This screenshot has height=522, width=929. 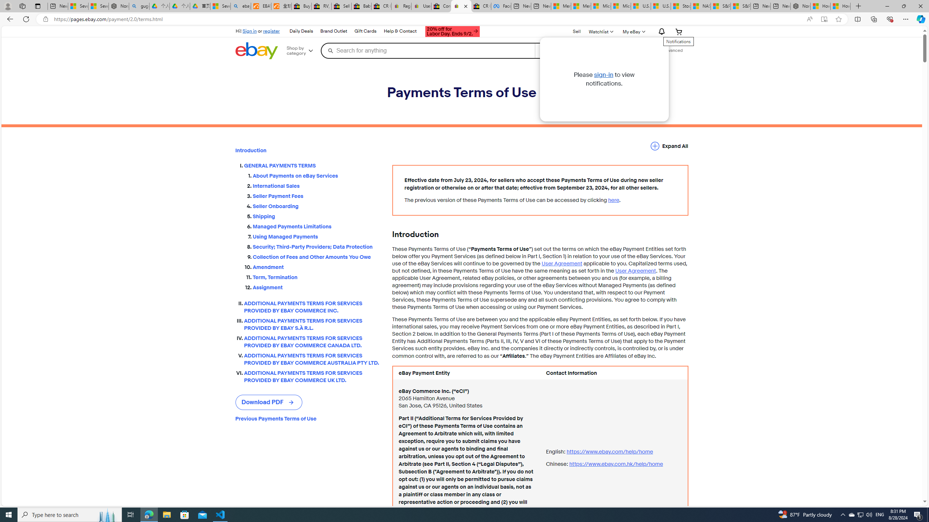 What do you see at coordinates (316, 174) in the screenshot?
I see `'About Payments on eBay Services'` at bounding box center [316, 174].